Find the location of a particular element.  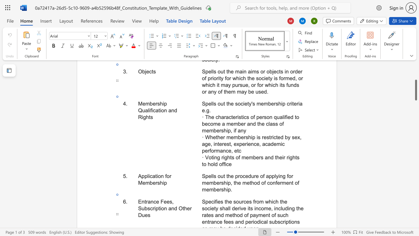

the space between the continuous character "f" and "o" in the text is located at coordinates (167, 176).